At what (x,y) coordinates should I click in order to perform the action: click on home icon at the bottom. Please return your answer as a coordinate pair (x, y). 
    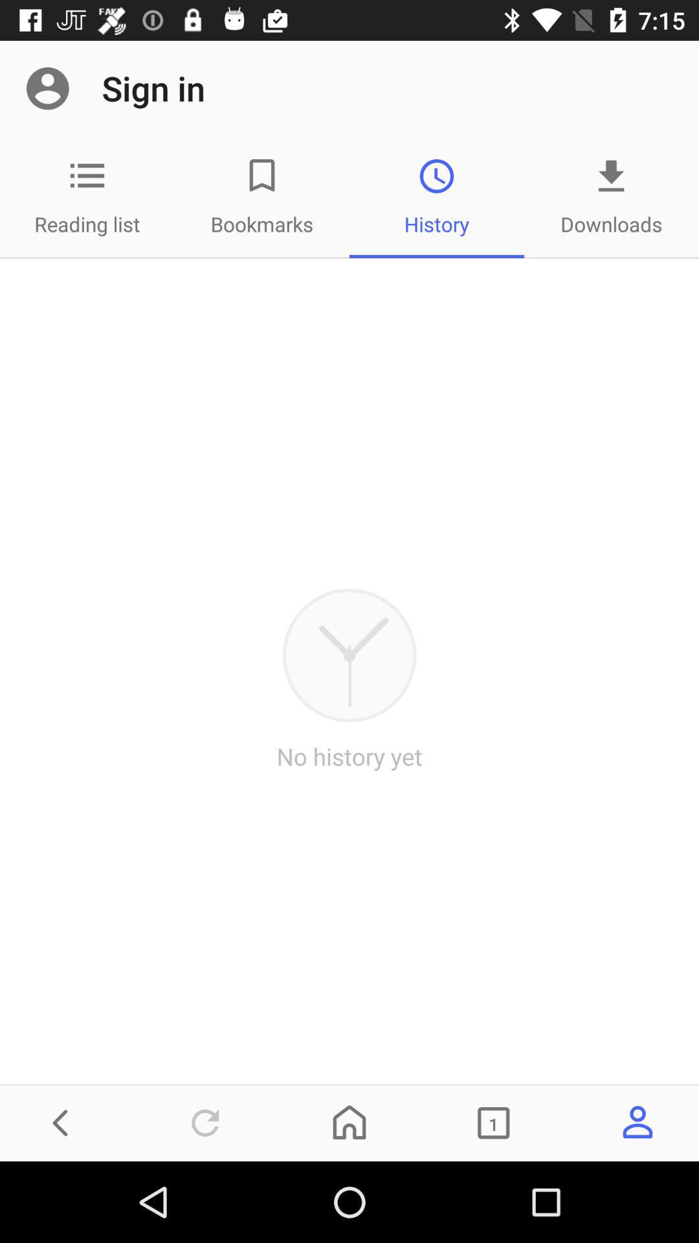
    Looking at the image, I should click on (349, 1122).